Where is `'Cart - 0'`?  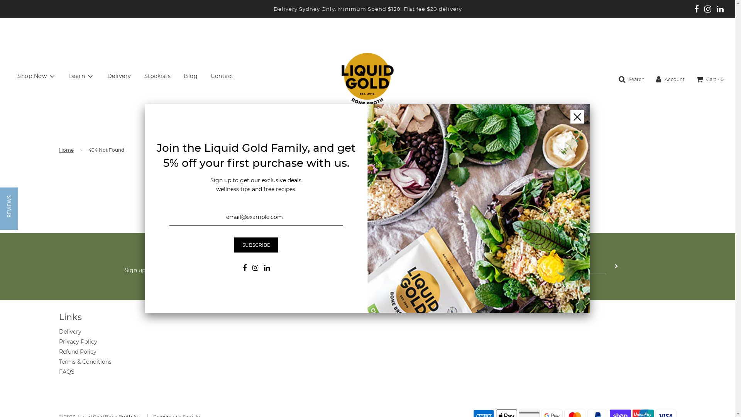 'Cart - 0' is located at coordinates (710, 79).